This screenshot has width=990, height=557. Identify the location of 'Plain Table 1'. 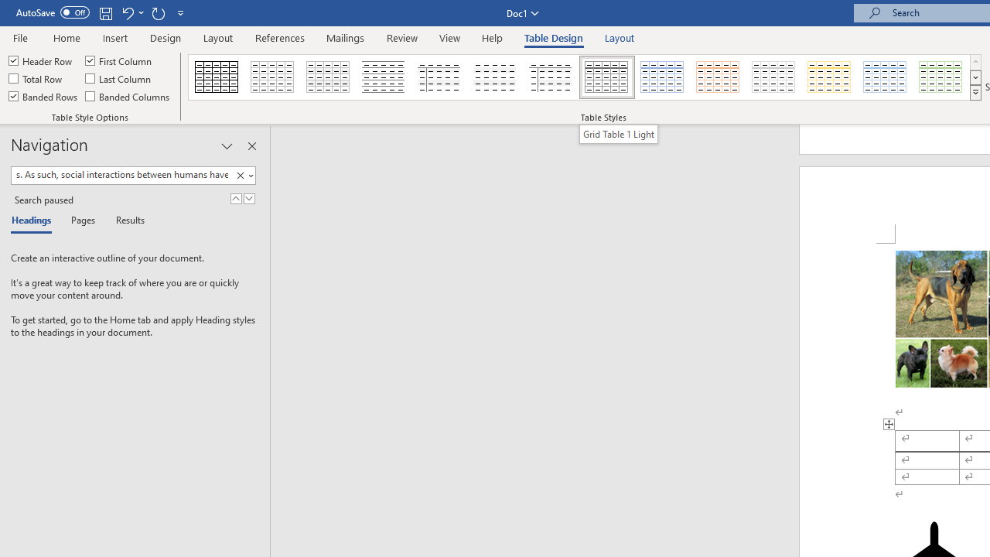
(327, 77).